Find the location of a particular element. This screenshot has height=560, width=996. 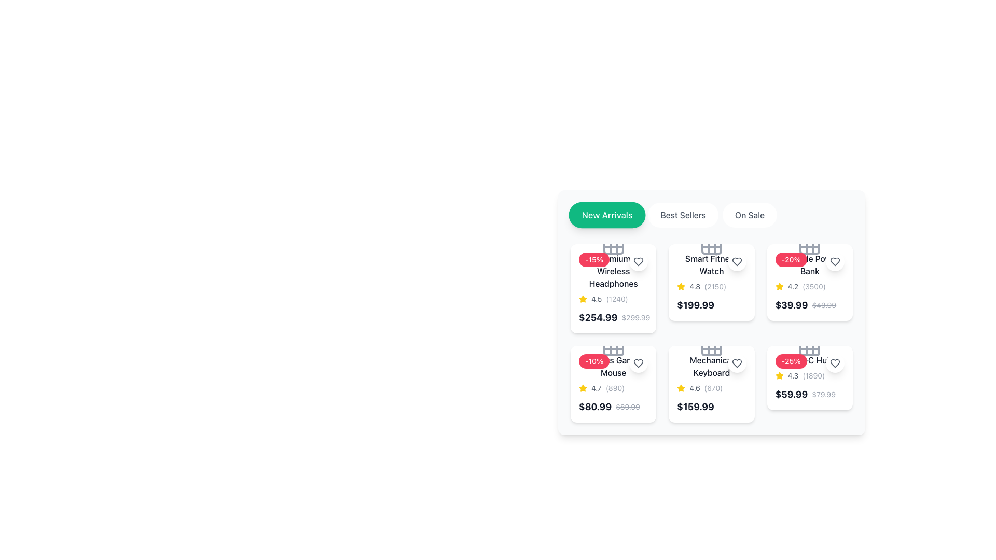

the discount indicator badge located at the top-left corner of the product card for 'Premium Wireless Headphones' is located at coordinates (594, 259).